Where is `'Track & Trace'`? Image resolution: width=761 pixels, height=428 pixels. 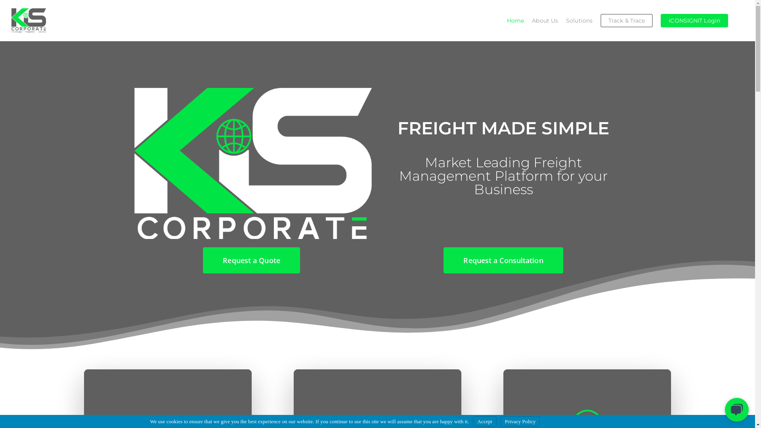 'Track & Trace' is located at coordinates (626, 20).